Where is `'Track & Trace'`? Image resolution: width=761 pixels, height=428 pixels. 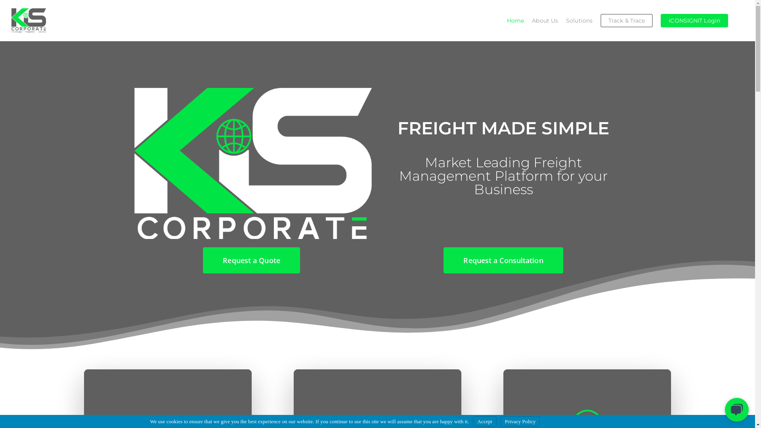 'Track & Trace' is located at coordinates (626, 20).